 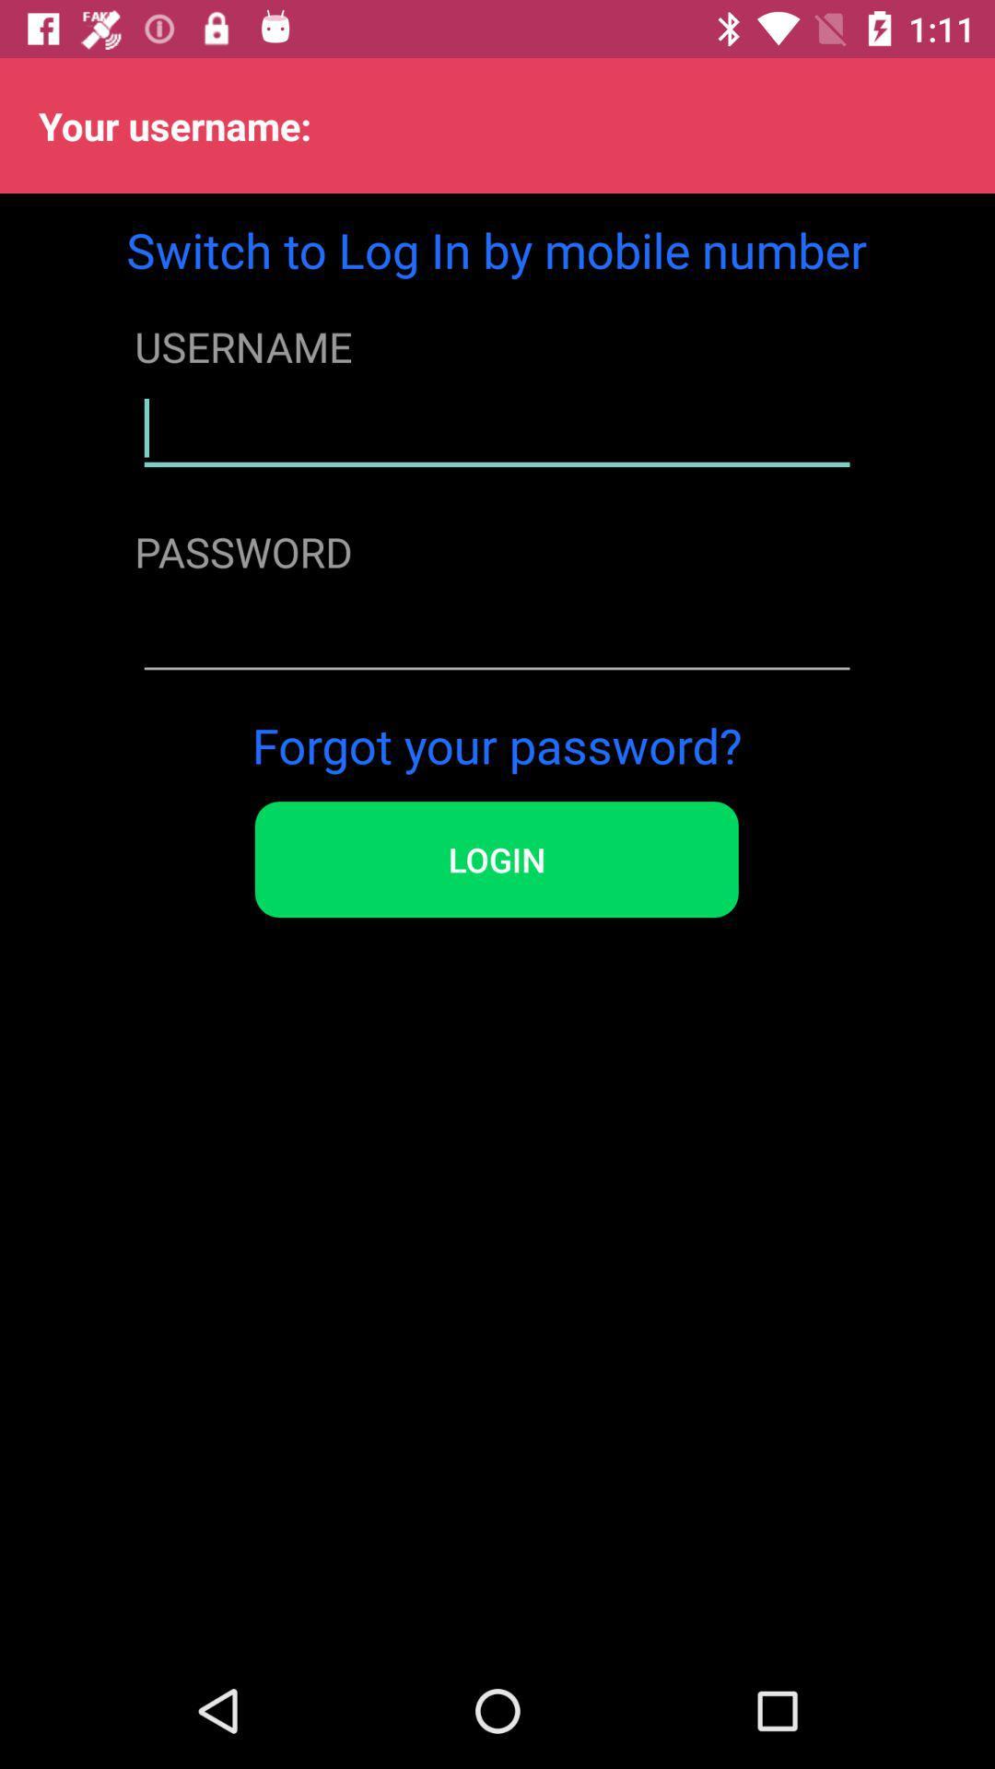 What do you see at coordinates (496, 744) in the screenshot?
I see `forgot your password? item` at bounding box center [496, 744].